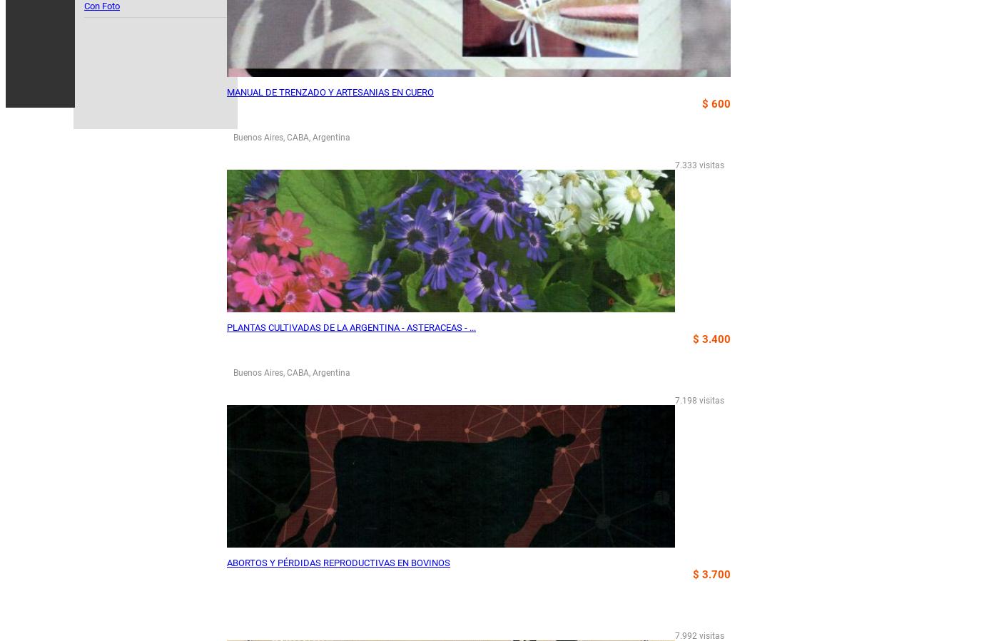  Describe the element at coordinates (711, 575) in the screenshot. I see `'$ 3.700'` at that location.